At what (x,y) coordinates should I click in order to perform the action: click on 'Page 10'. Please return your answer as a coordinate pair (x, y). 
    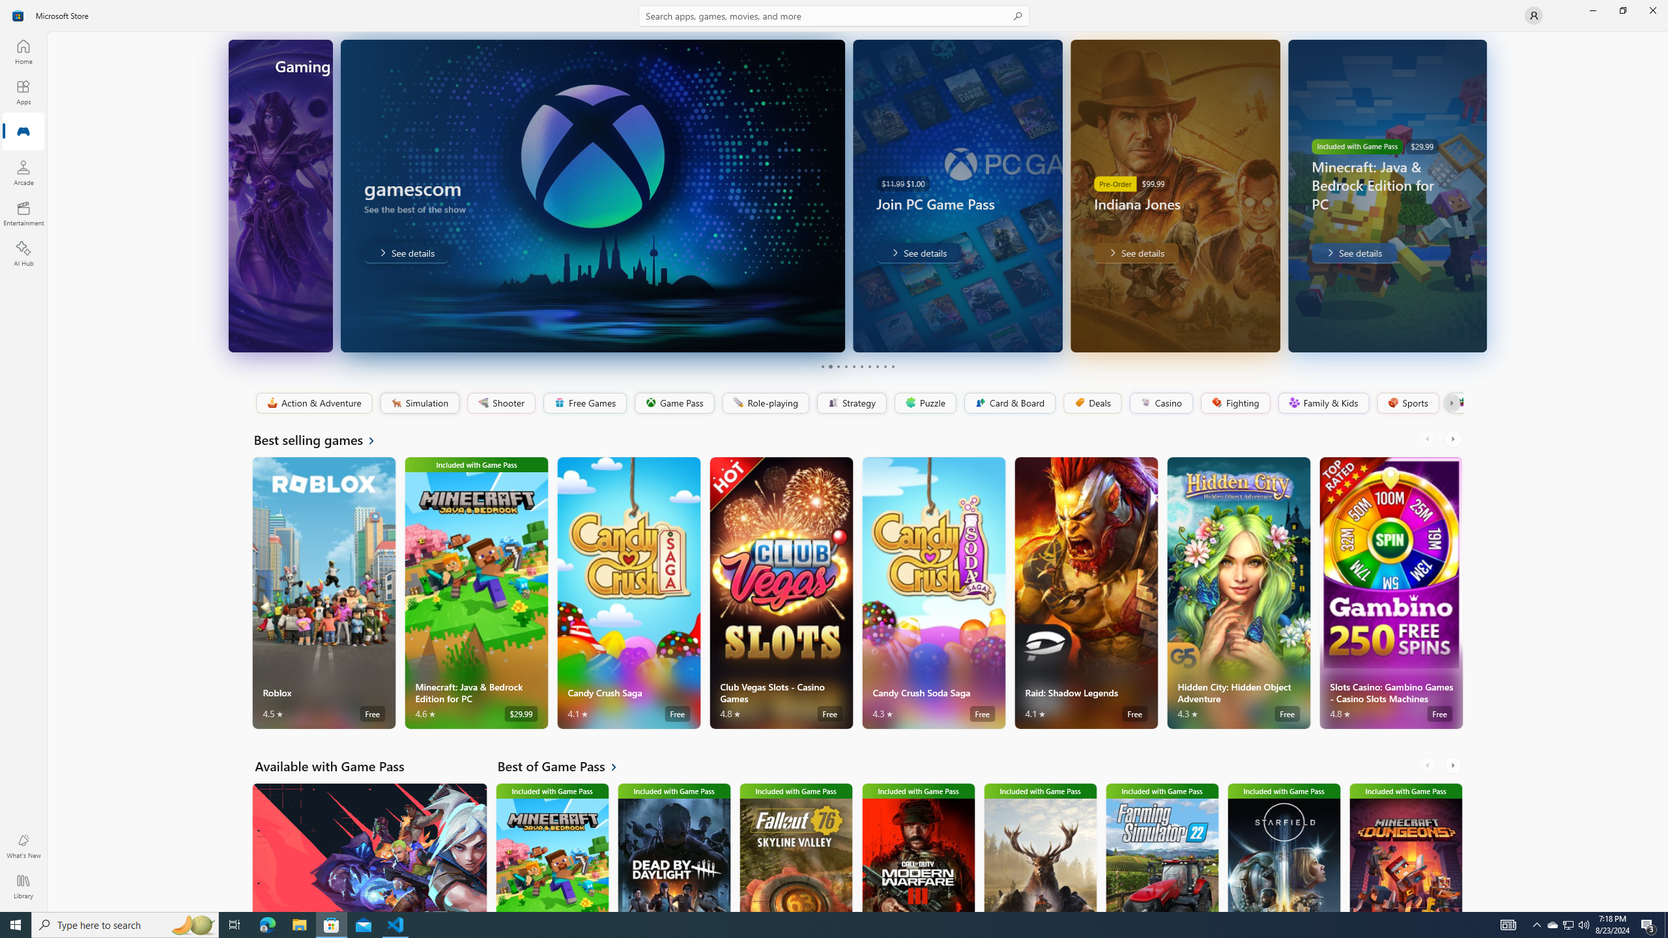
    Looking at the image, I should click on (892, 366).